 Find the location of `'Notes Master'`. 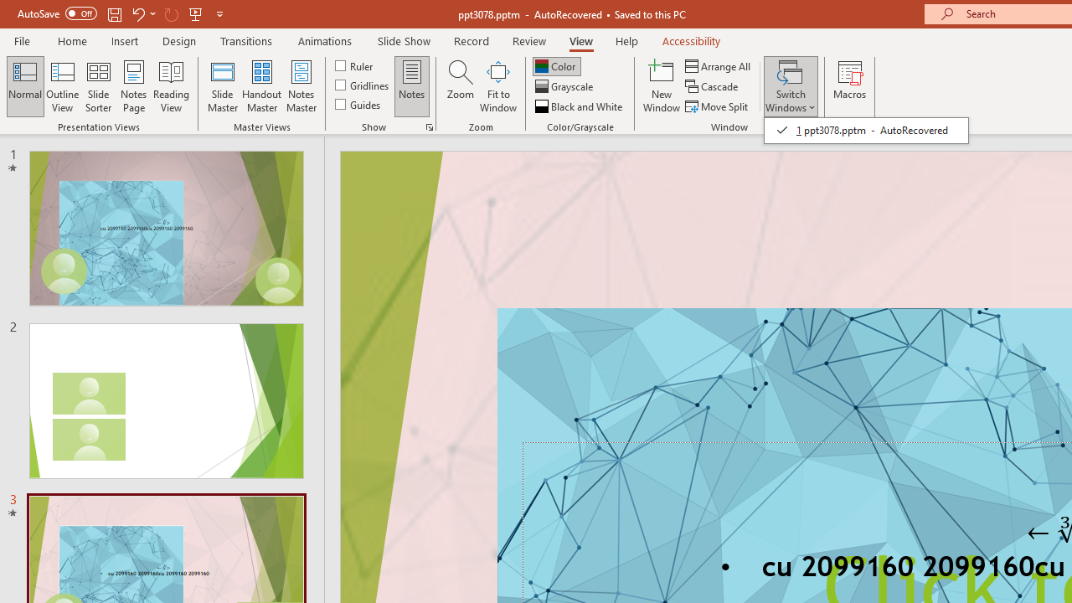

'Notes Master' is located at coordinates (301, 86).